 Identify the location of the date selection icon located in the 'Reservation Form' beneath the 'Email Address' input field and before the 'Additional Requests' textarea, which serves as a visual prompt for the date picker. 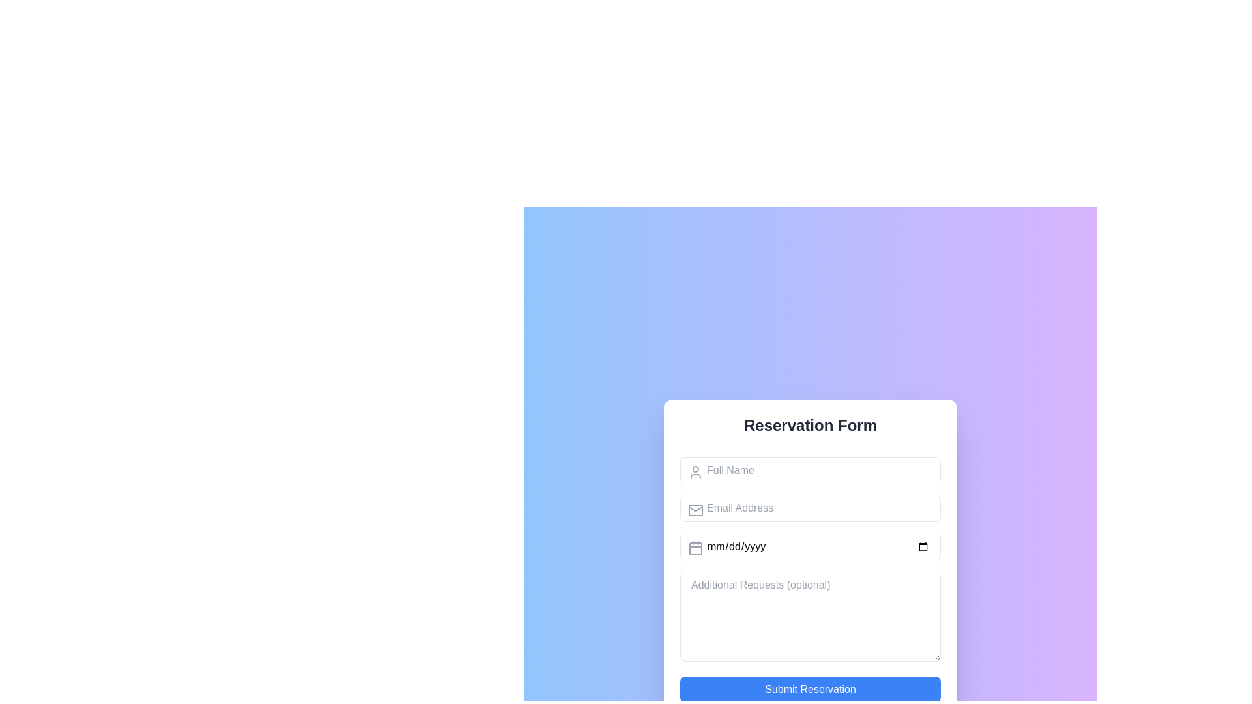
(694, 548).